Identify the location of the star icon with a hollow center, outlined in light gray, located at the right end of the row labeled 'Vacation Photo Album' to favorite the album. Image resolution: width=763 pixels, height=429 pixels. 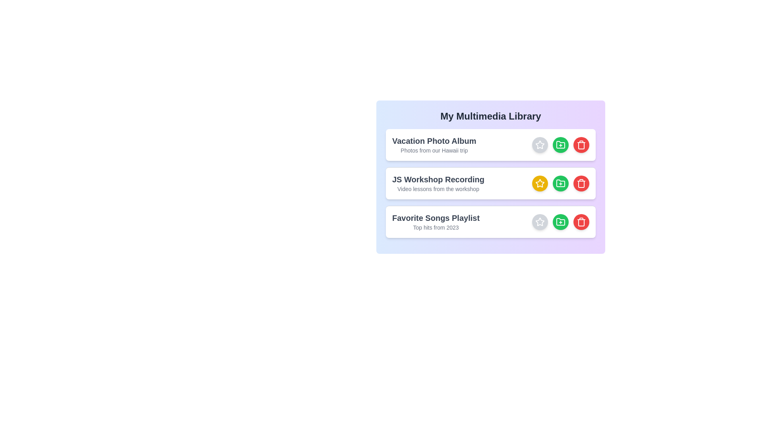
(540, 222).